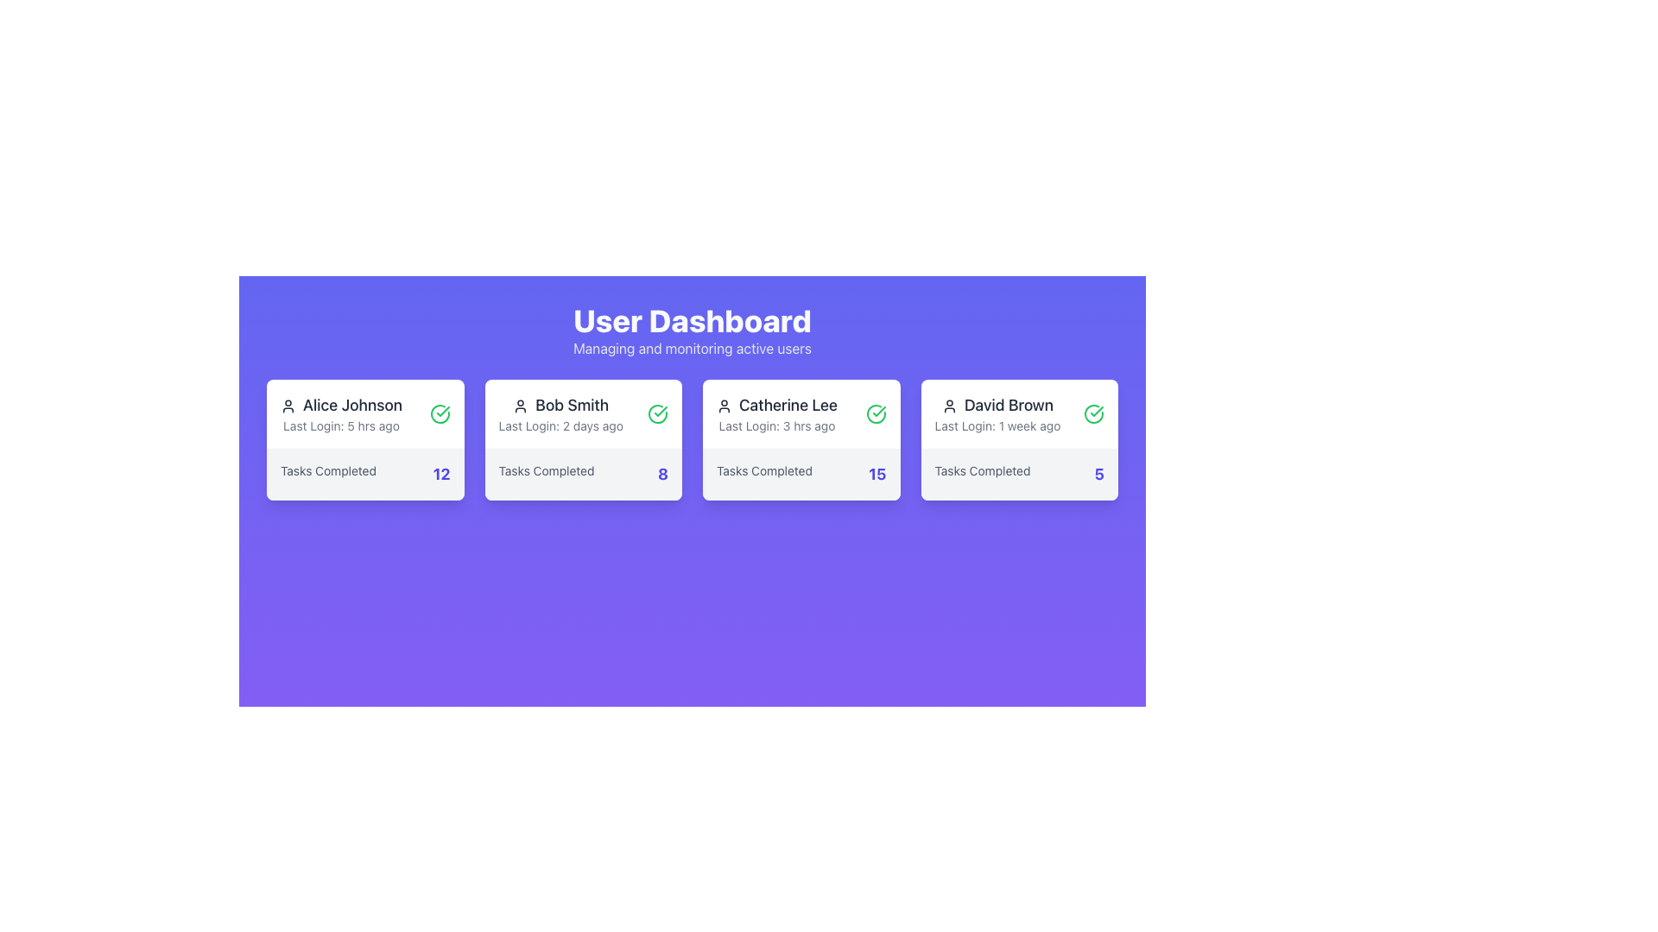 Image resolution: width=1658 pixels, height=932 pixels. What do you see at coordinates (341, 413) in the screenshot?
I see `the User information display block that shows 'Alice Johnson' with the profile icon on the left and 'Last Login: 5 hrs ago' below it` at bounding box center [341, 413].